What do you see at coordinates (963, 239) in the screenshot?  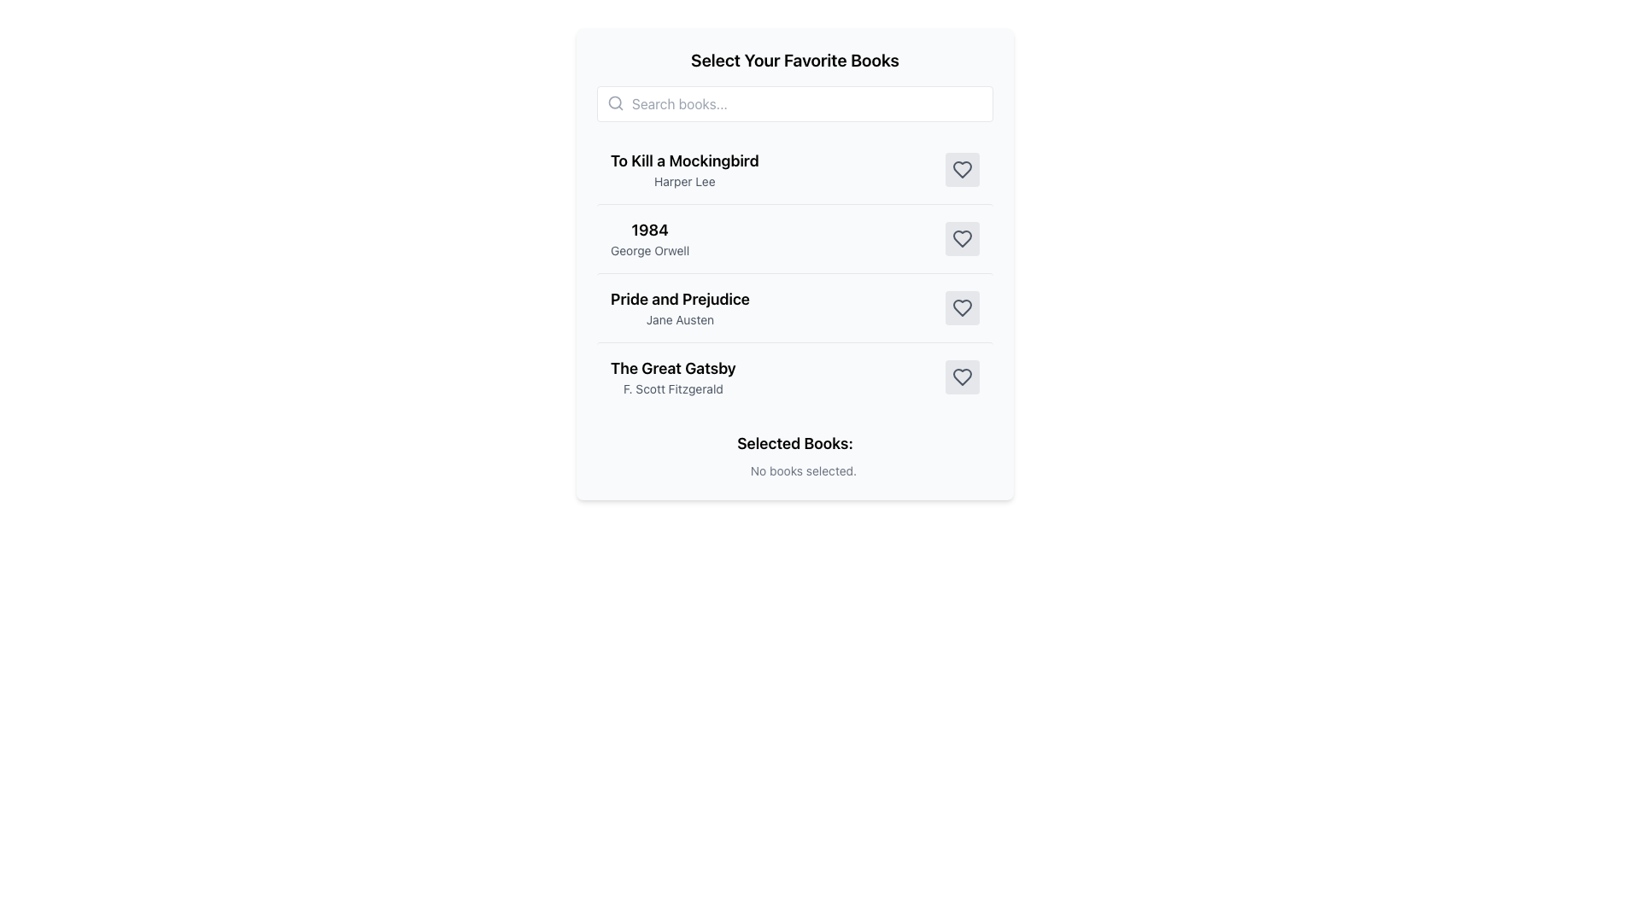 I see `the heart-shaped icon` at bounding box center [963, 239].